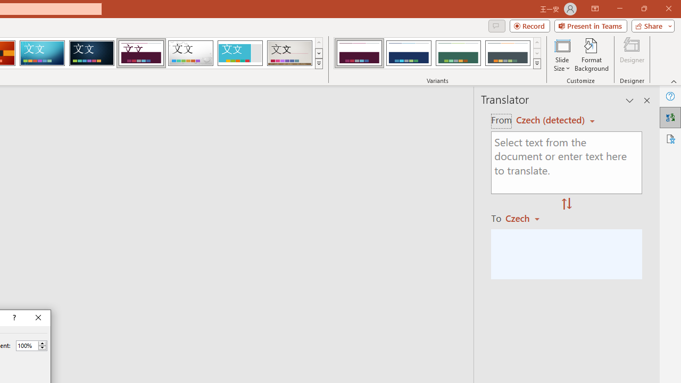 The height and width of the screenshot is (383, 681). I want to click on 'Minimize', so click(619, 9).